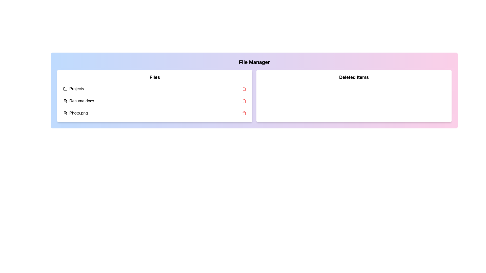  Describe the element at coordinates (354, 96) in the screenshot. I see `the 'Deleted Items' panel to view its contents` at that location.